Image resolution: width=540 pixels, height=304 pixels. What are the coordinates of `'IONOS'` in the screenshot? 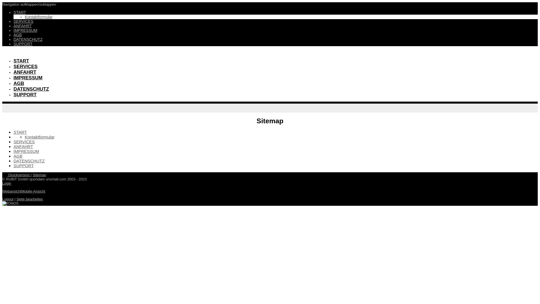 It's located at (2, 203).